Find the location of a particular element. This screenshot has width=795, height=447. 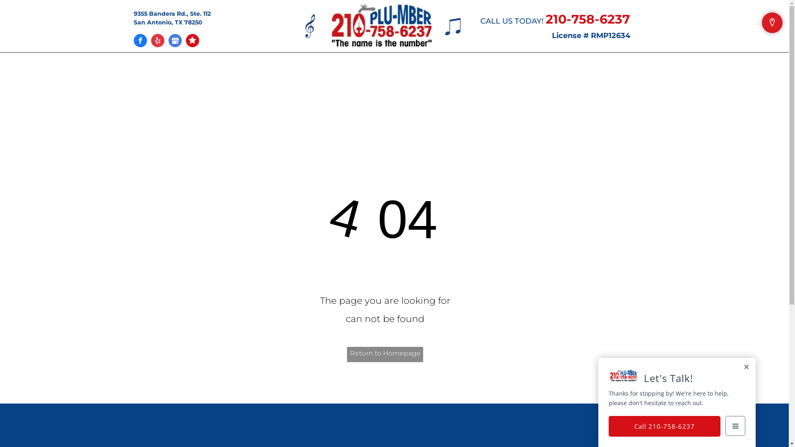

'9355 Bandera Rd., Ste. 112' is located at coordinates (171, 14).